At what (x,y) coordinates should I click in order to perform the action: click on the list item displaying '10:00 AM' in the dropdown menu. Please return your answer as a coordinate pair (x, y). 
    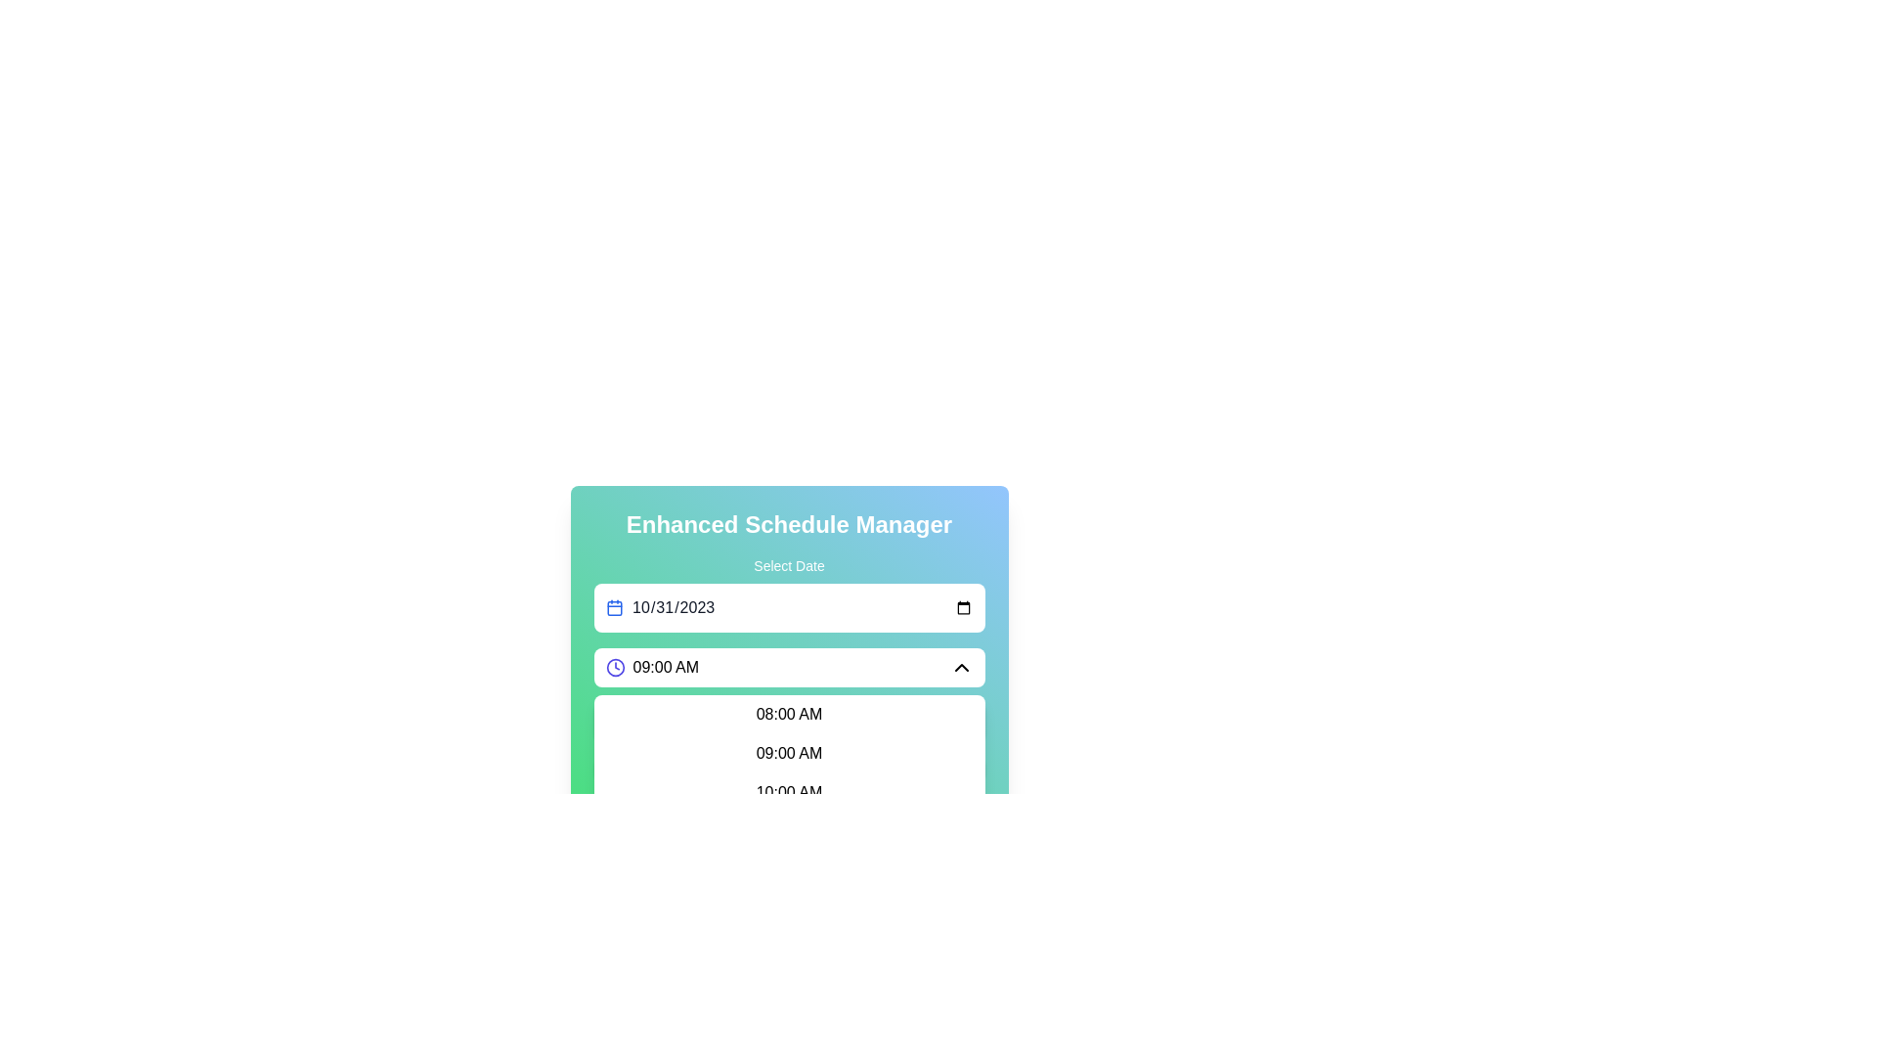
    Looking at the image, I should click on (789, 792).